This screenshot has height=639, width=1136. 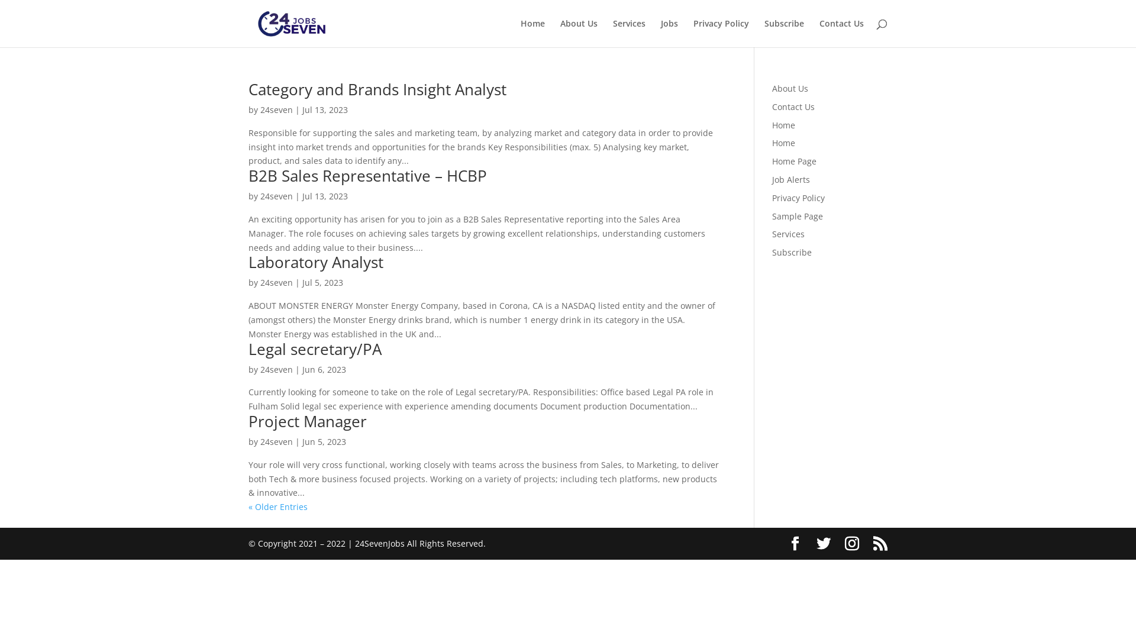 What do you see at coordinates (772, 216) in the screenshot?
I see `'Sample Page'` at bounding box center [772, 216].